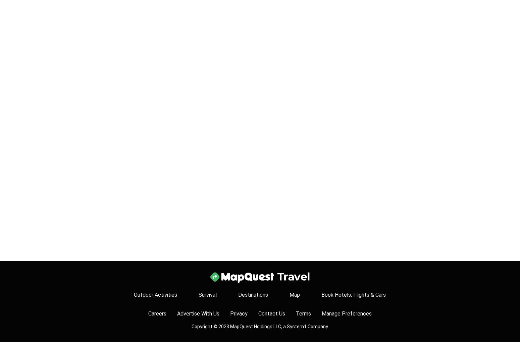 The width and height of the screenshot is (520, 342). What do you see at coordinates (297, 326) in the screenshot?
I see `'System1'` at bounding box center [297, 326].